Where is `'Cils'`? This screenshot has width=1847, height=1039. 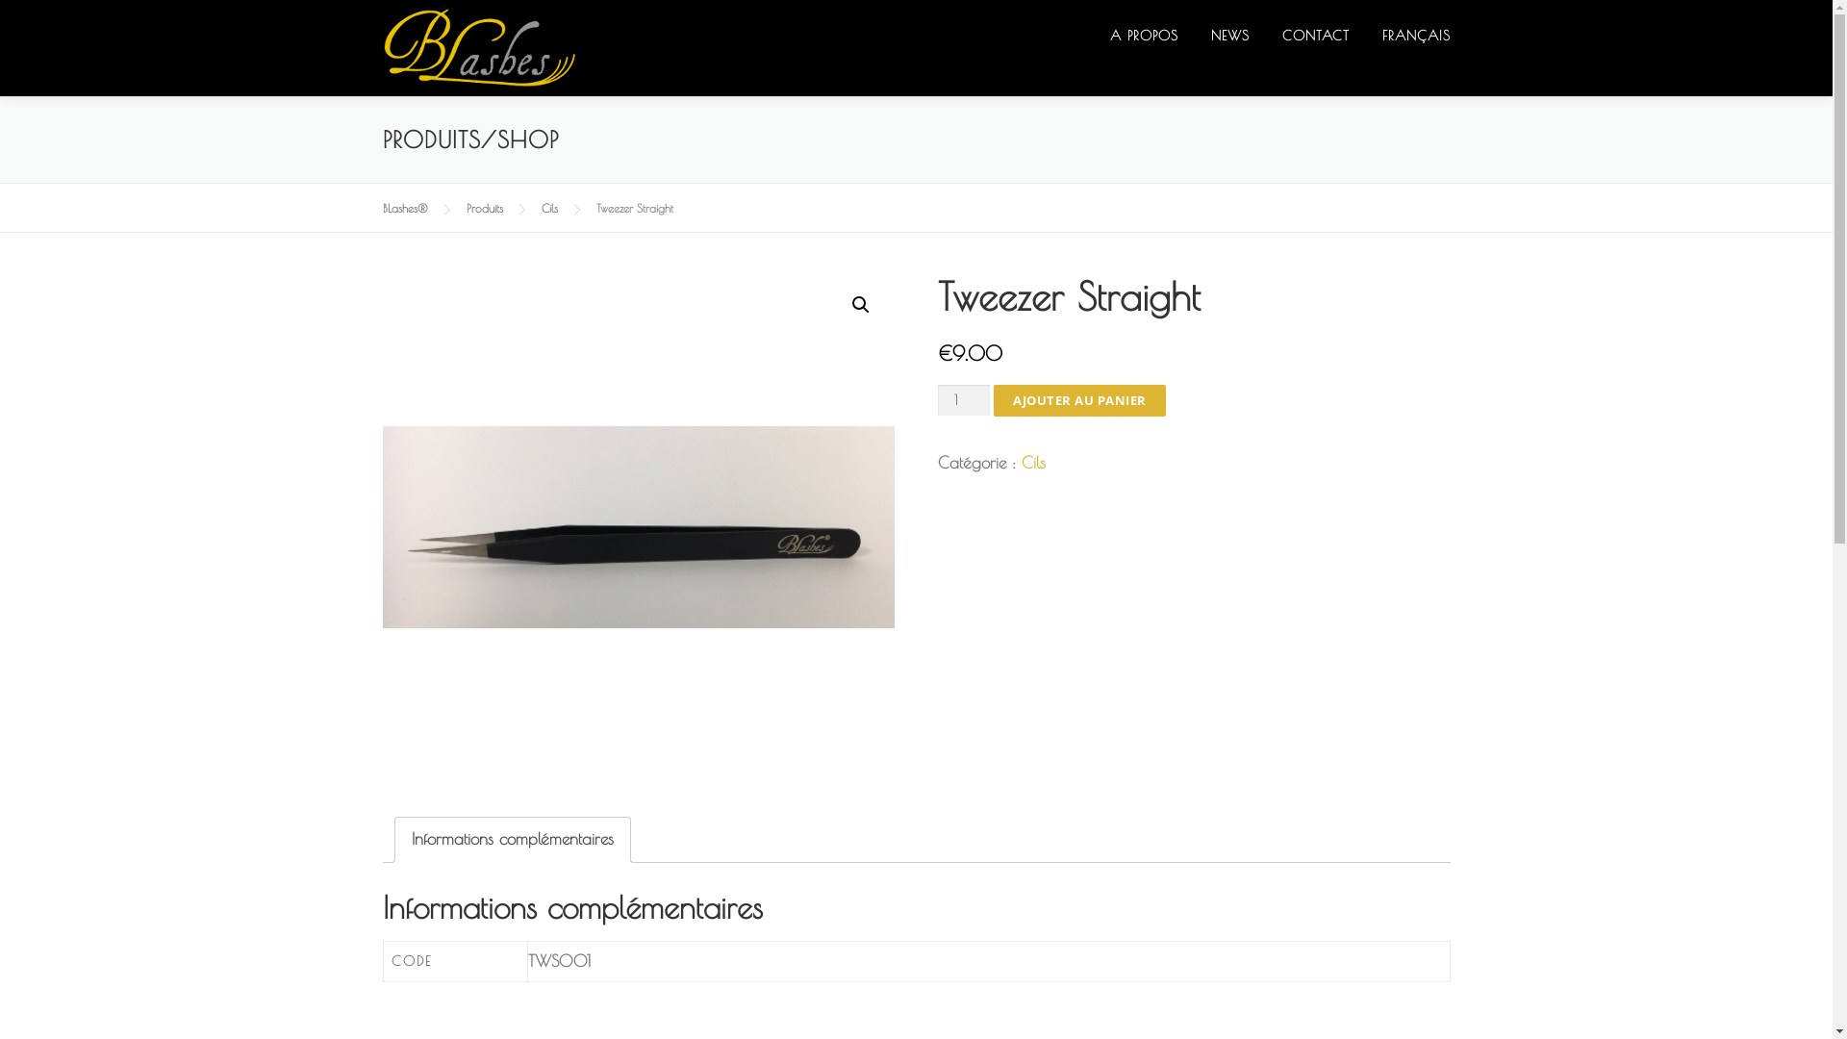 'Cils' is located at coordinates (1032, 463).